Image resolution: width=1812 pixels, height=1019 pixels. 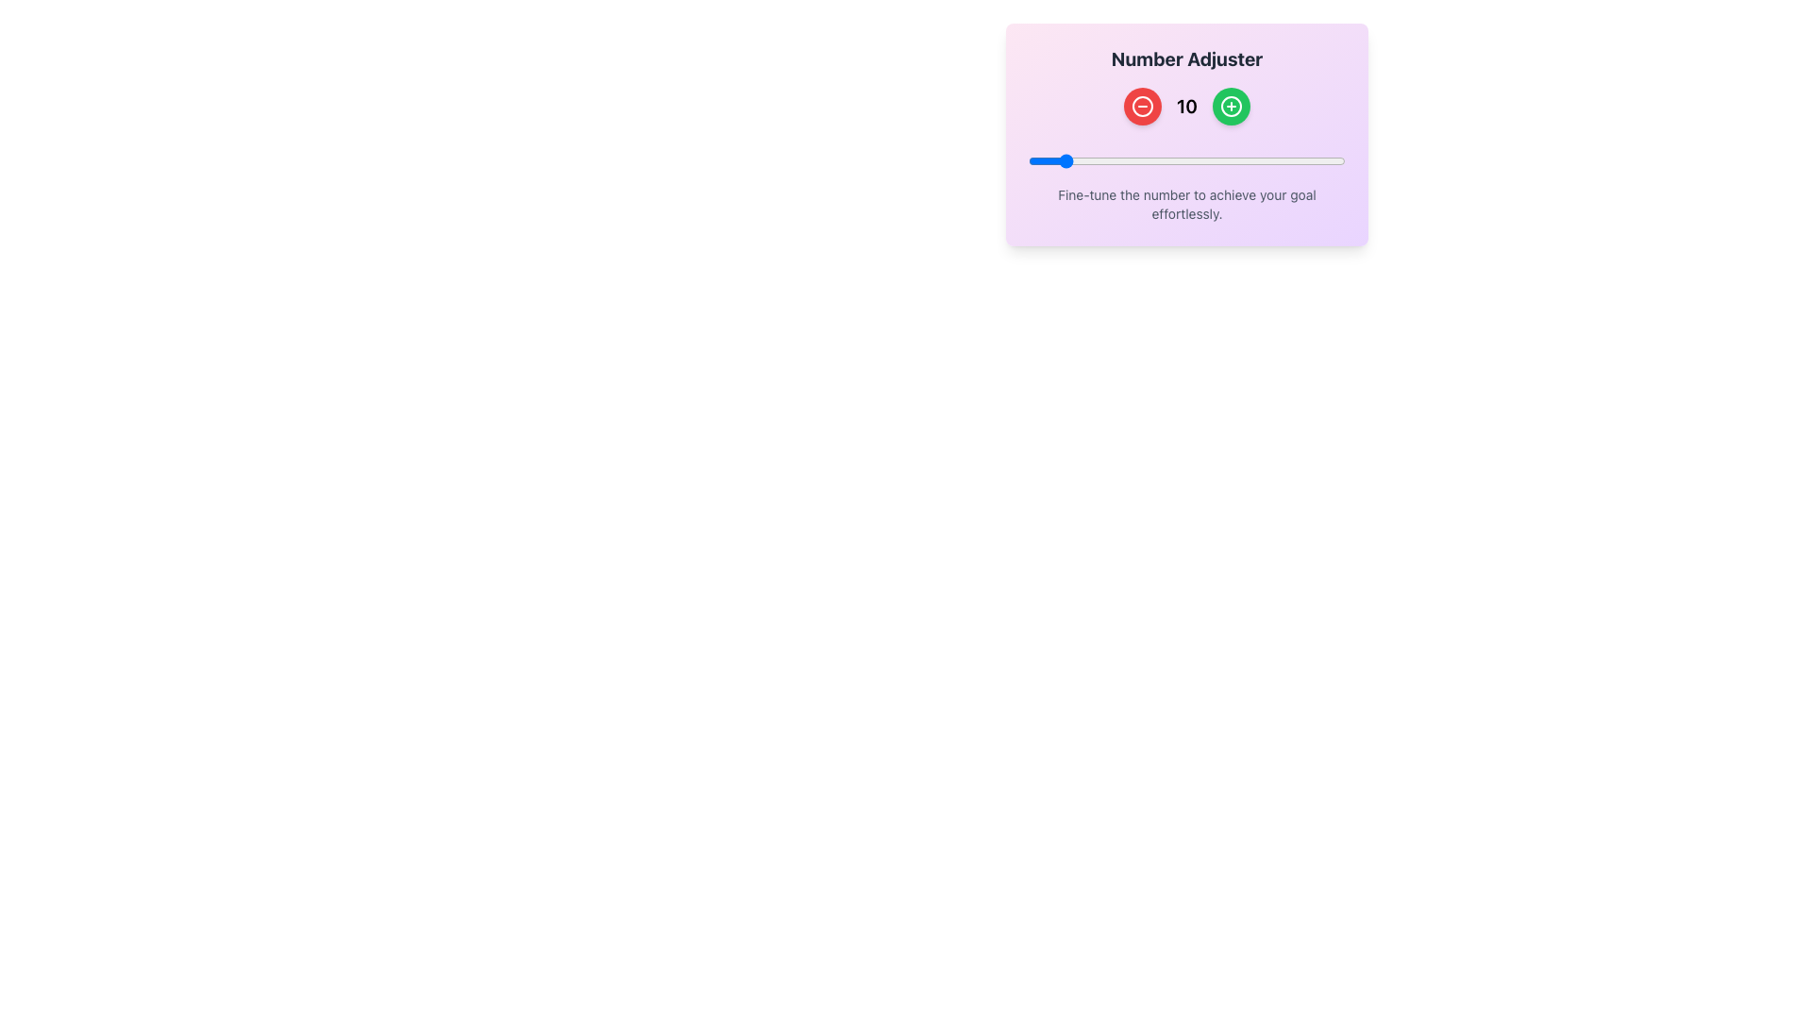 I want to click on the slider, so click(x=1076, y=159).